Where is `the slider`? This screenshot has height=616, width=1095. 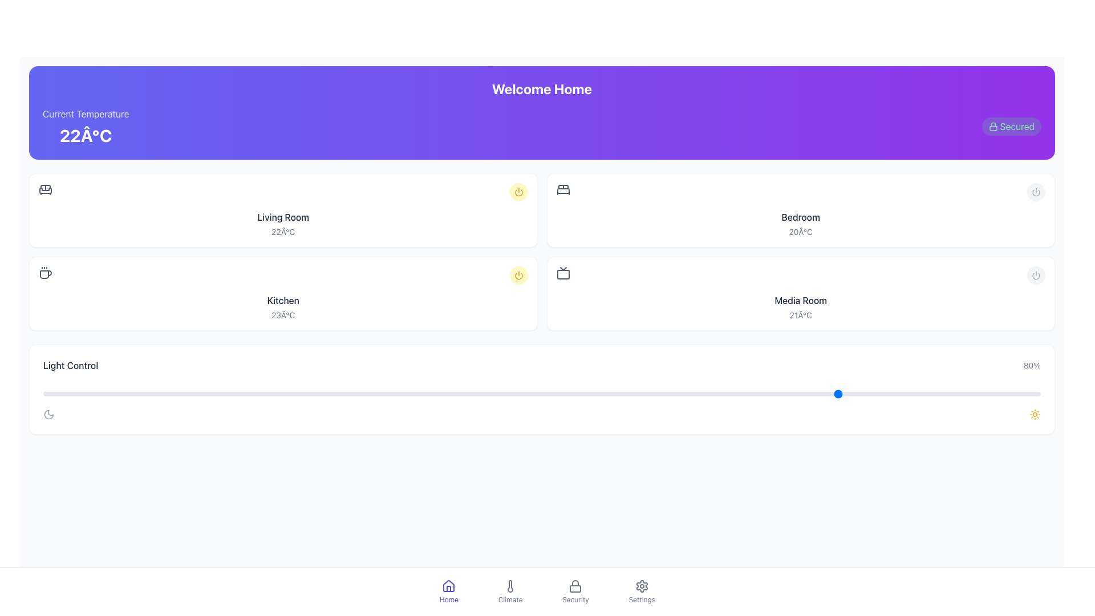
the slider is located at coordinates (562, 393).